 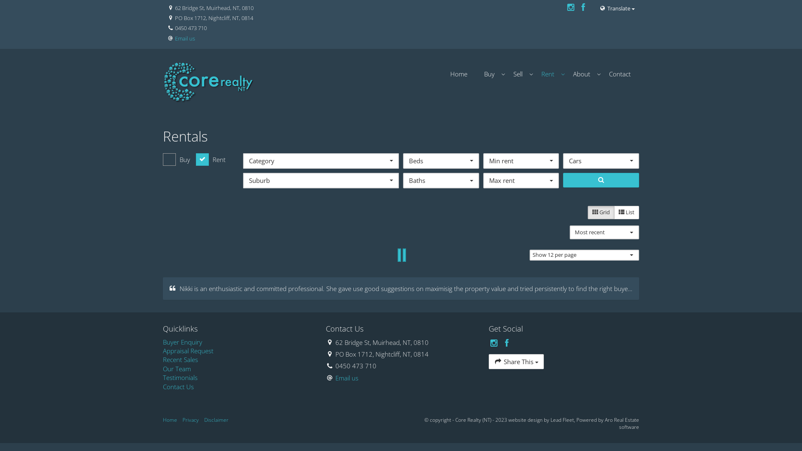 What do you see at coordinates (518, 73) in the screenshot?
I see `'Sell'` at bounding box center [518, 73].